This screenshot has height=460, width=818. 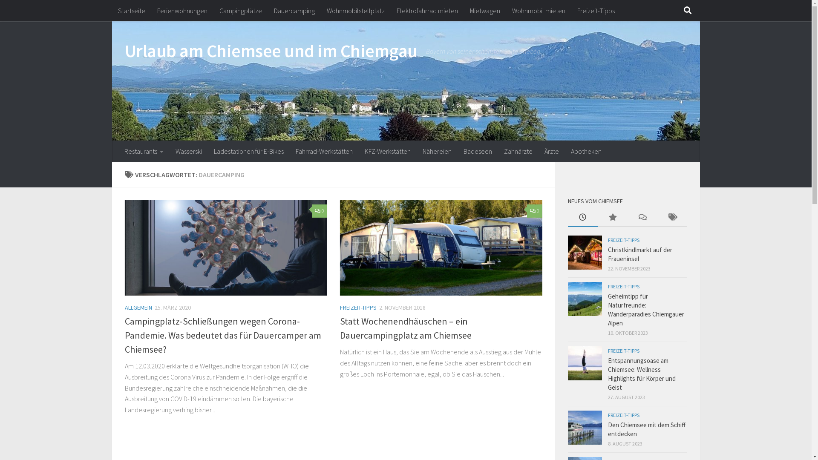 What do you see at coordinates (144, 150) in the screenshot?
I see `'Restaurants'` at bounding box center [144, 150].